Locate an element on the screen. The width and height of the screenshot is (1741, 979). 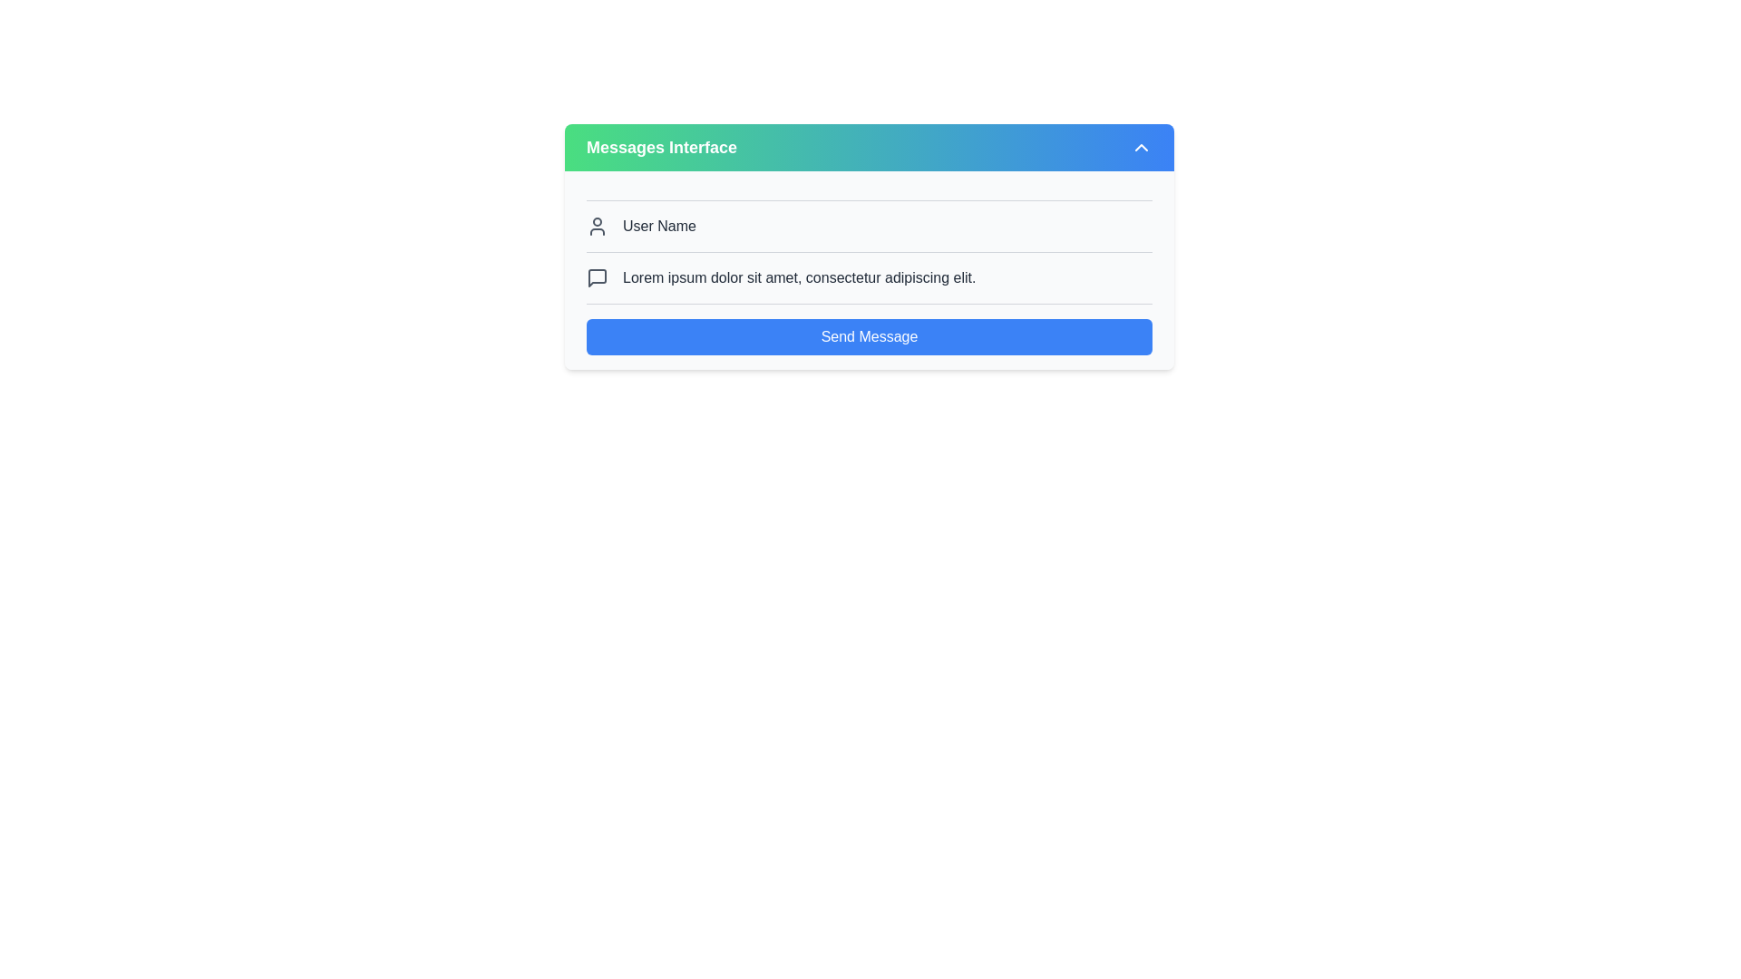
the toggle indicator icon located at the top-right corner of the 'Messages Interface' header is located at coordinates (1140, 146).